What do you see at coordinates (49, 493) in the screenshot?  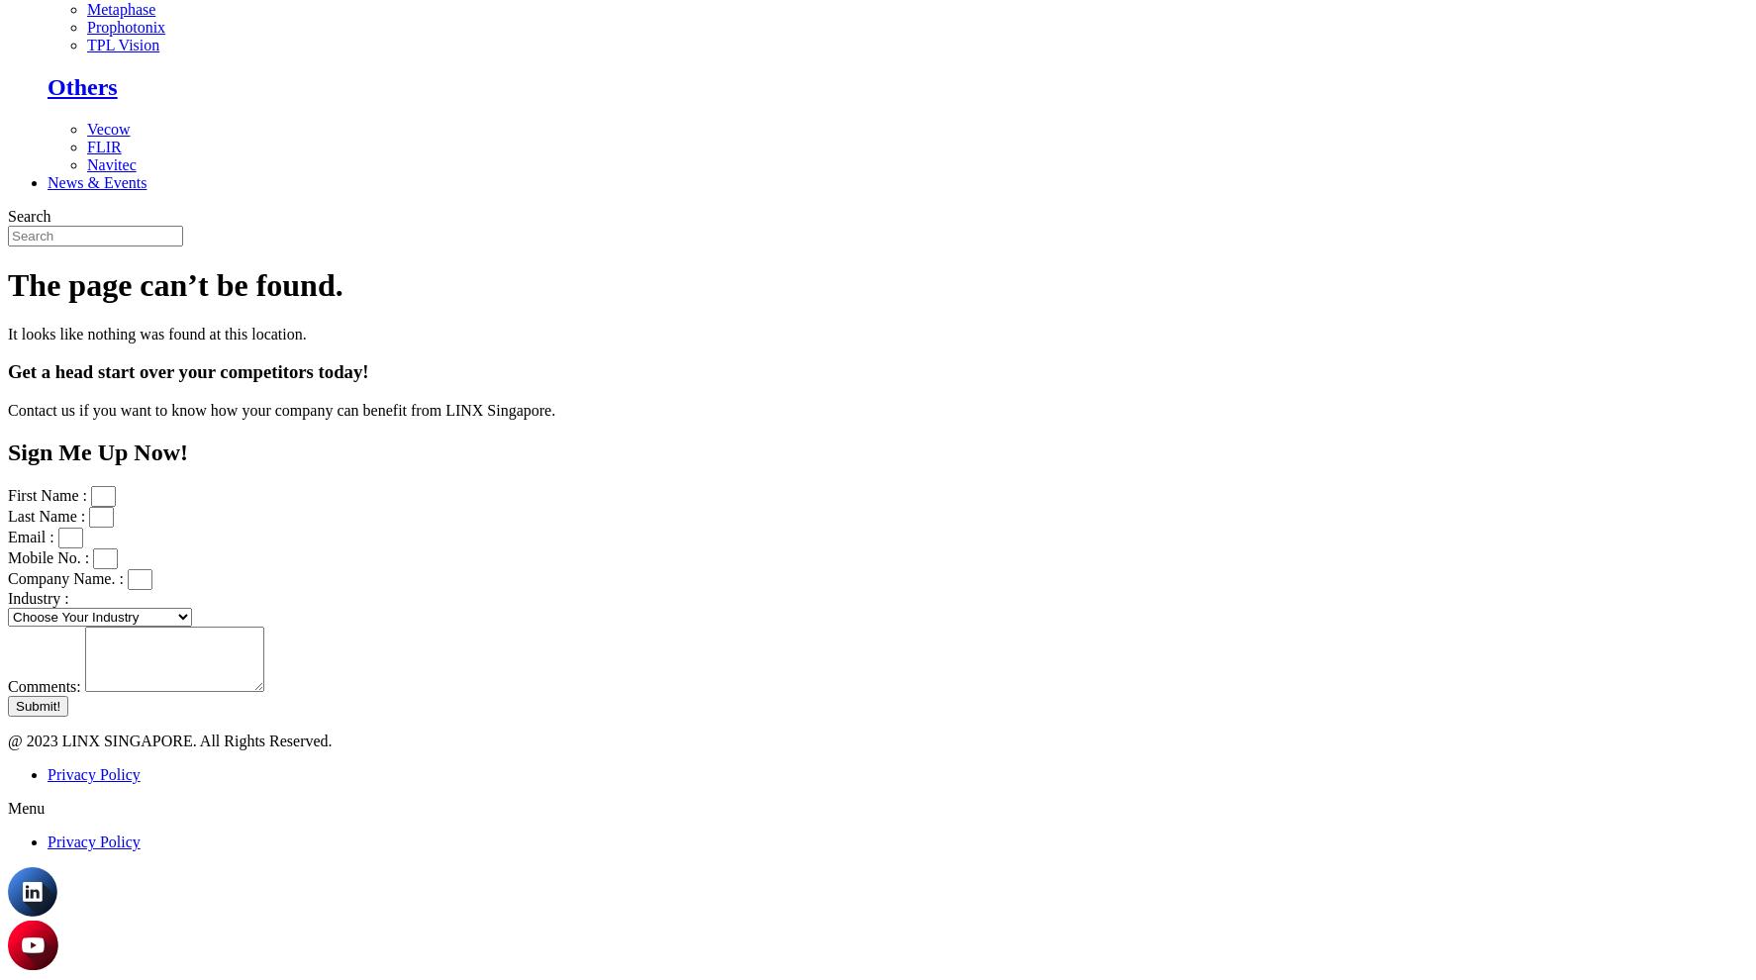 I see `'First Name :'` at bounding box center [49, 493].